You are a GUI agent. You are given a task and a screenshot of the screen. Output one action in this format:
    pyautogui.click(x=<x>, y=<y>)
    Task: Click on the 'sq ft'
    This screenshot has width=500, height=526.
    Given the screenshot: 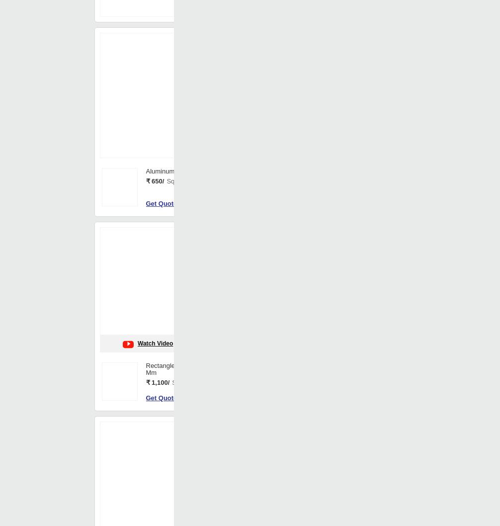 What is the action you would take?
    pyautogui.click(x=401, y=477)
    